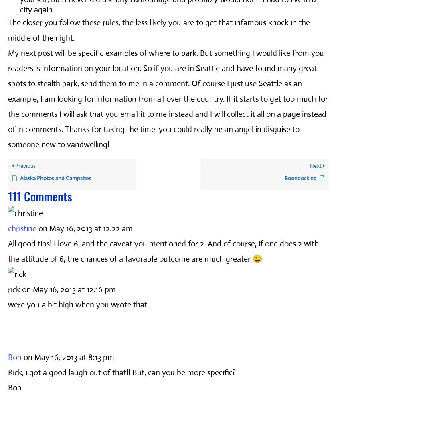 The height and width of the screenshot is (431, 421). Describe the element at coordinates (22, 228) in the screenshot. I see `'christine'` at that location.